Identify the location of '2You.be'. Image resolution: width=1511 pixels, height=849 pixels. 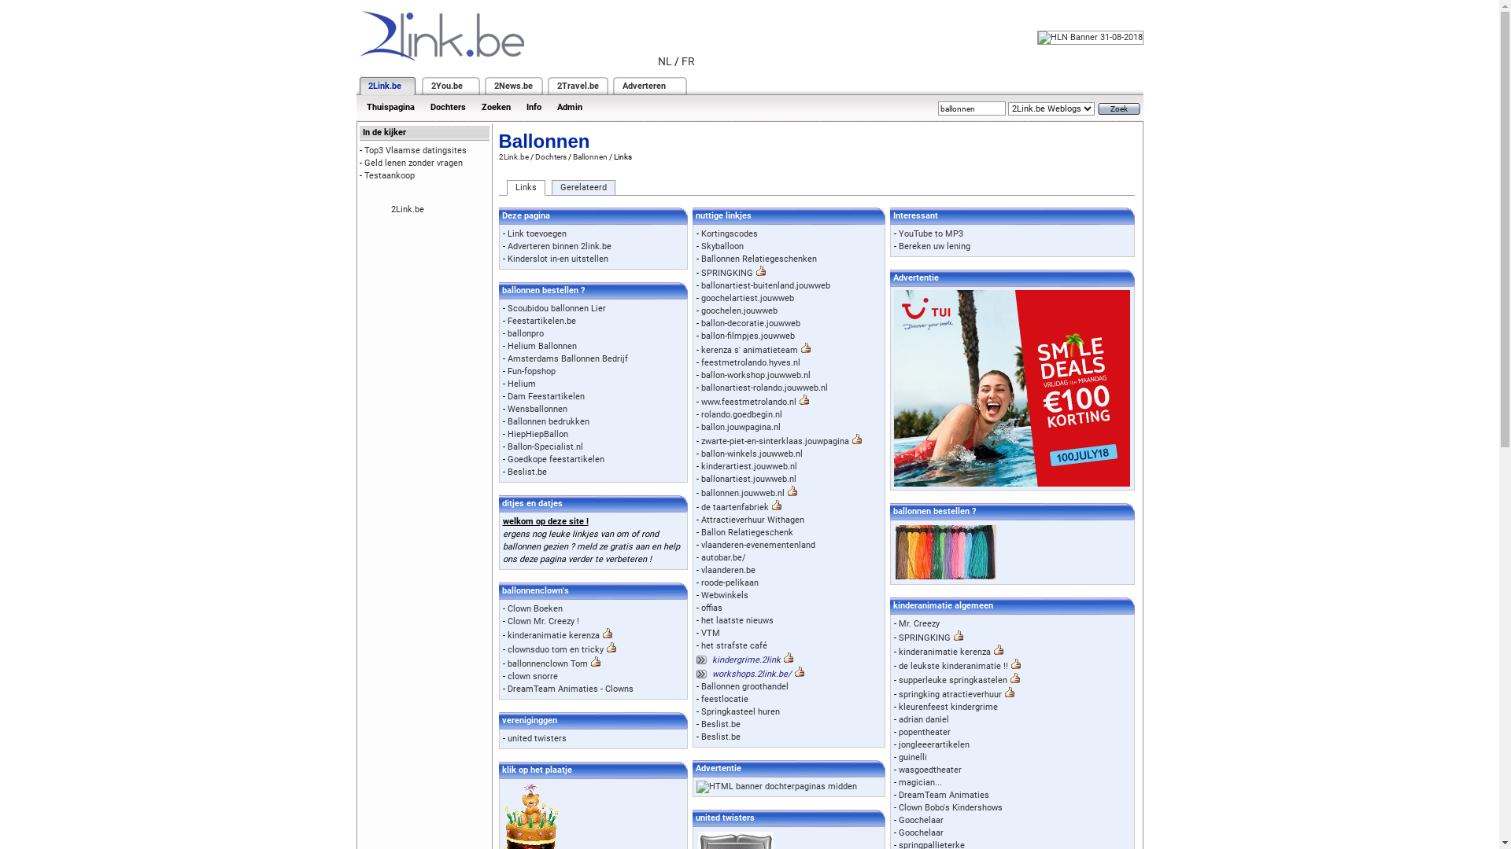
(445, 86).